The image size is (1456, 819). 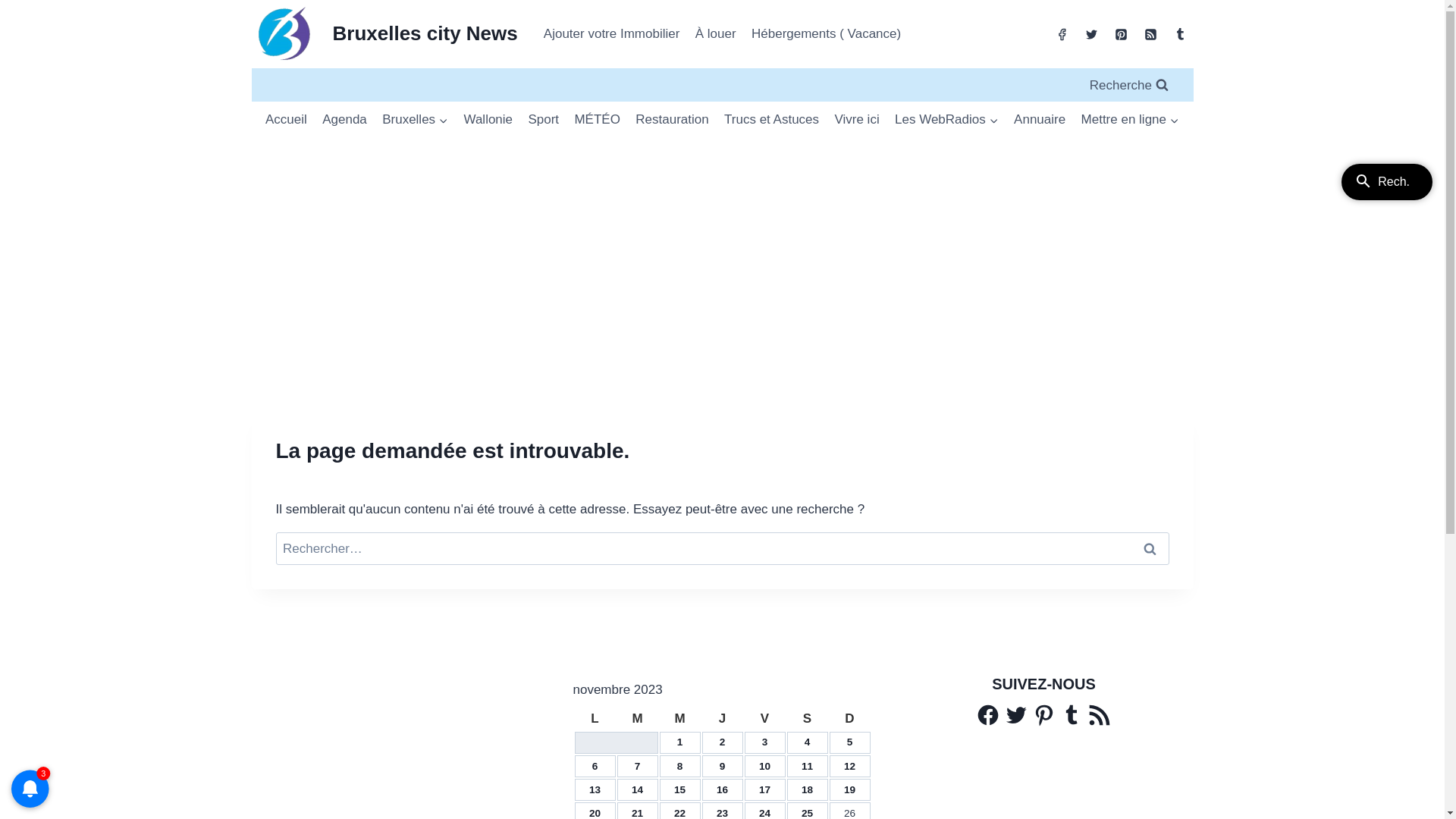 What do you see at coordinates (716, 119) in the screenshot?
I see `'Trucs et Astuces'` at bounding box center [716, 119].